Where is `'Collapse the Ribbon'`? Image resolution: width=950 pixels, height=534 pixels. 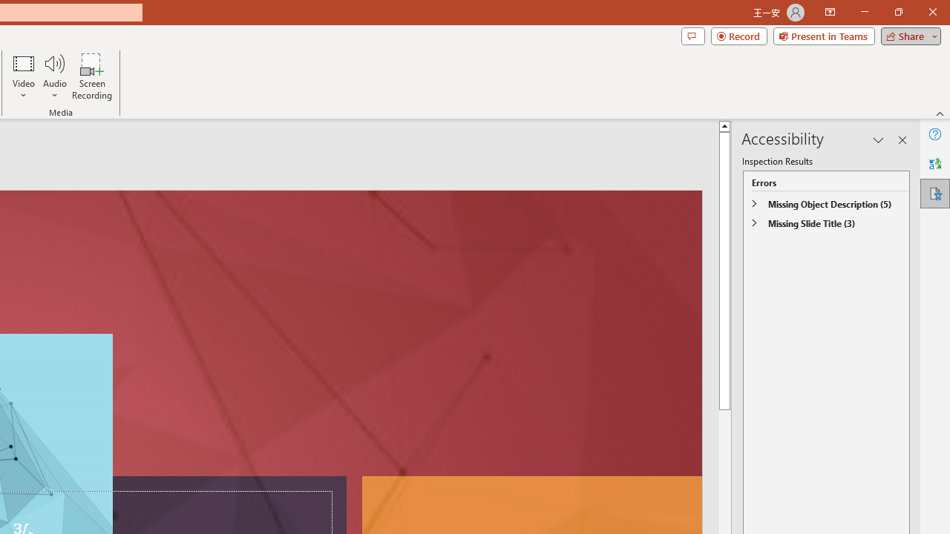 'Collapse the Ribbon' is located at coordinates (940, 113).